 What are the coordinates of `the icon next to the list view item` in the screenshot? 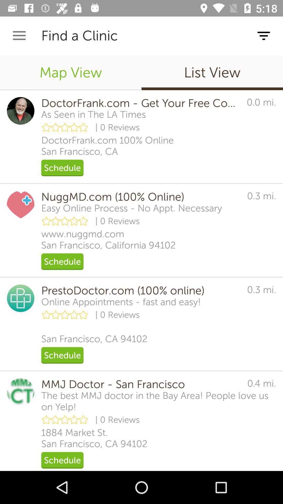 It's located at (71, 72).